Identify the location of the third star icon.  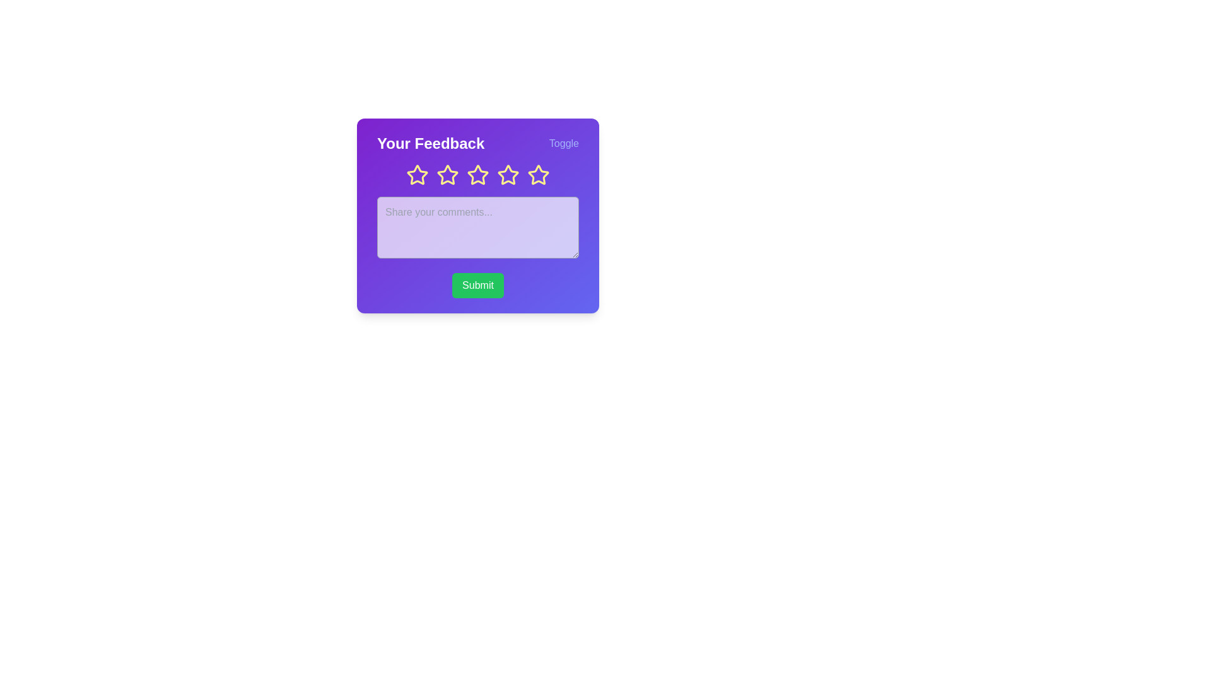
(508, 175).